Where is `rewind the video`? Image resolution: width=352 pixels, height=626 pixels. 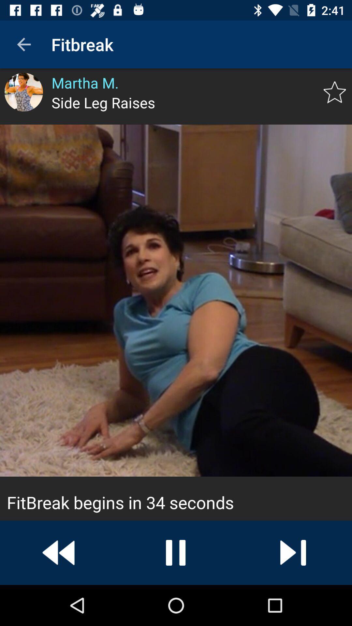
rewind the video is located at coordinates (59, 552).